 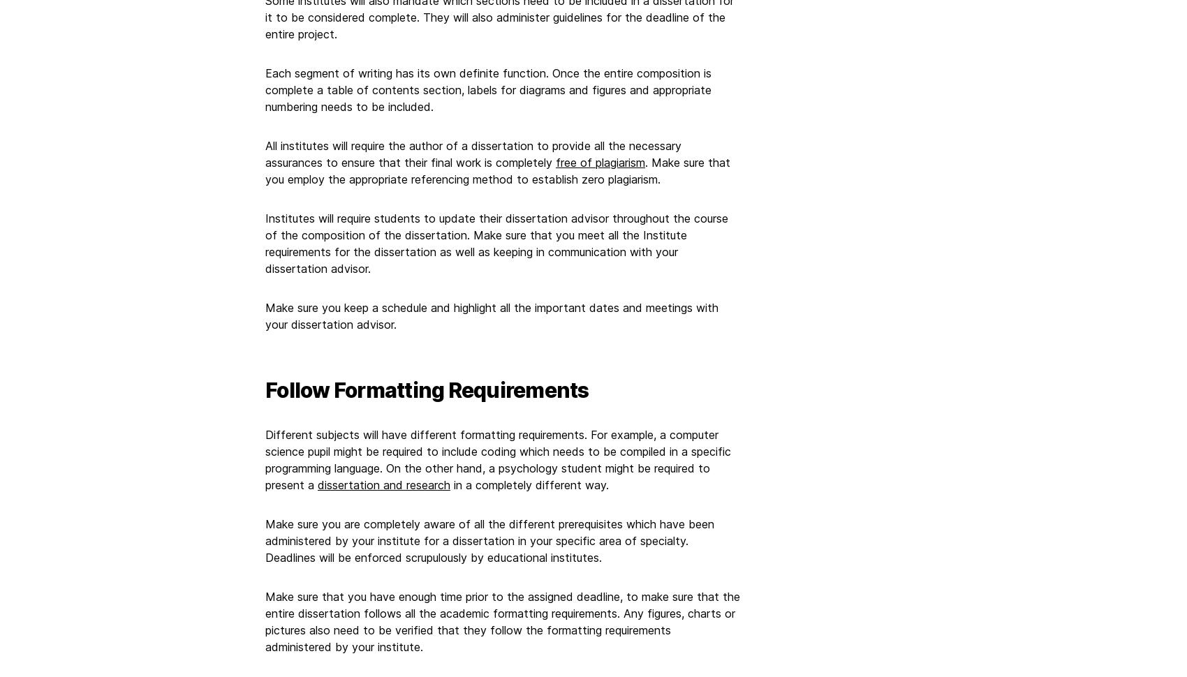 What do you see at coordinates (496, 243) in the screenshot?
I see `'Institutes will require students to update their dissertation advisor throughout the course of the composition of the dissertation. Make sure that you meet all the Institute requirements for the dissertation as well as keeping in communication with your dissertation advisor.'` at bounding box center [496, 243].